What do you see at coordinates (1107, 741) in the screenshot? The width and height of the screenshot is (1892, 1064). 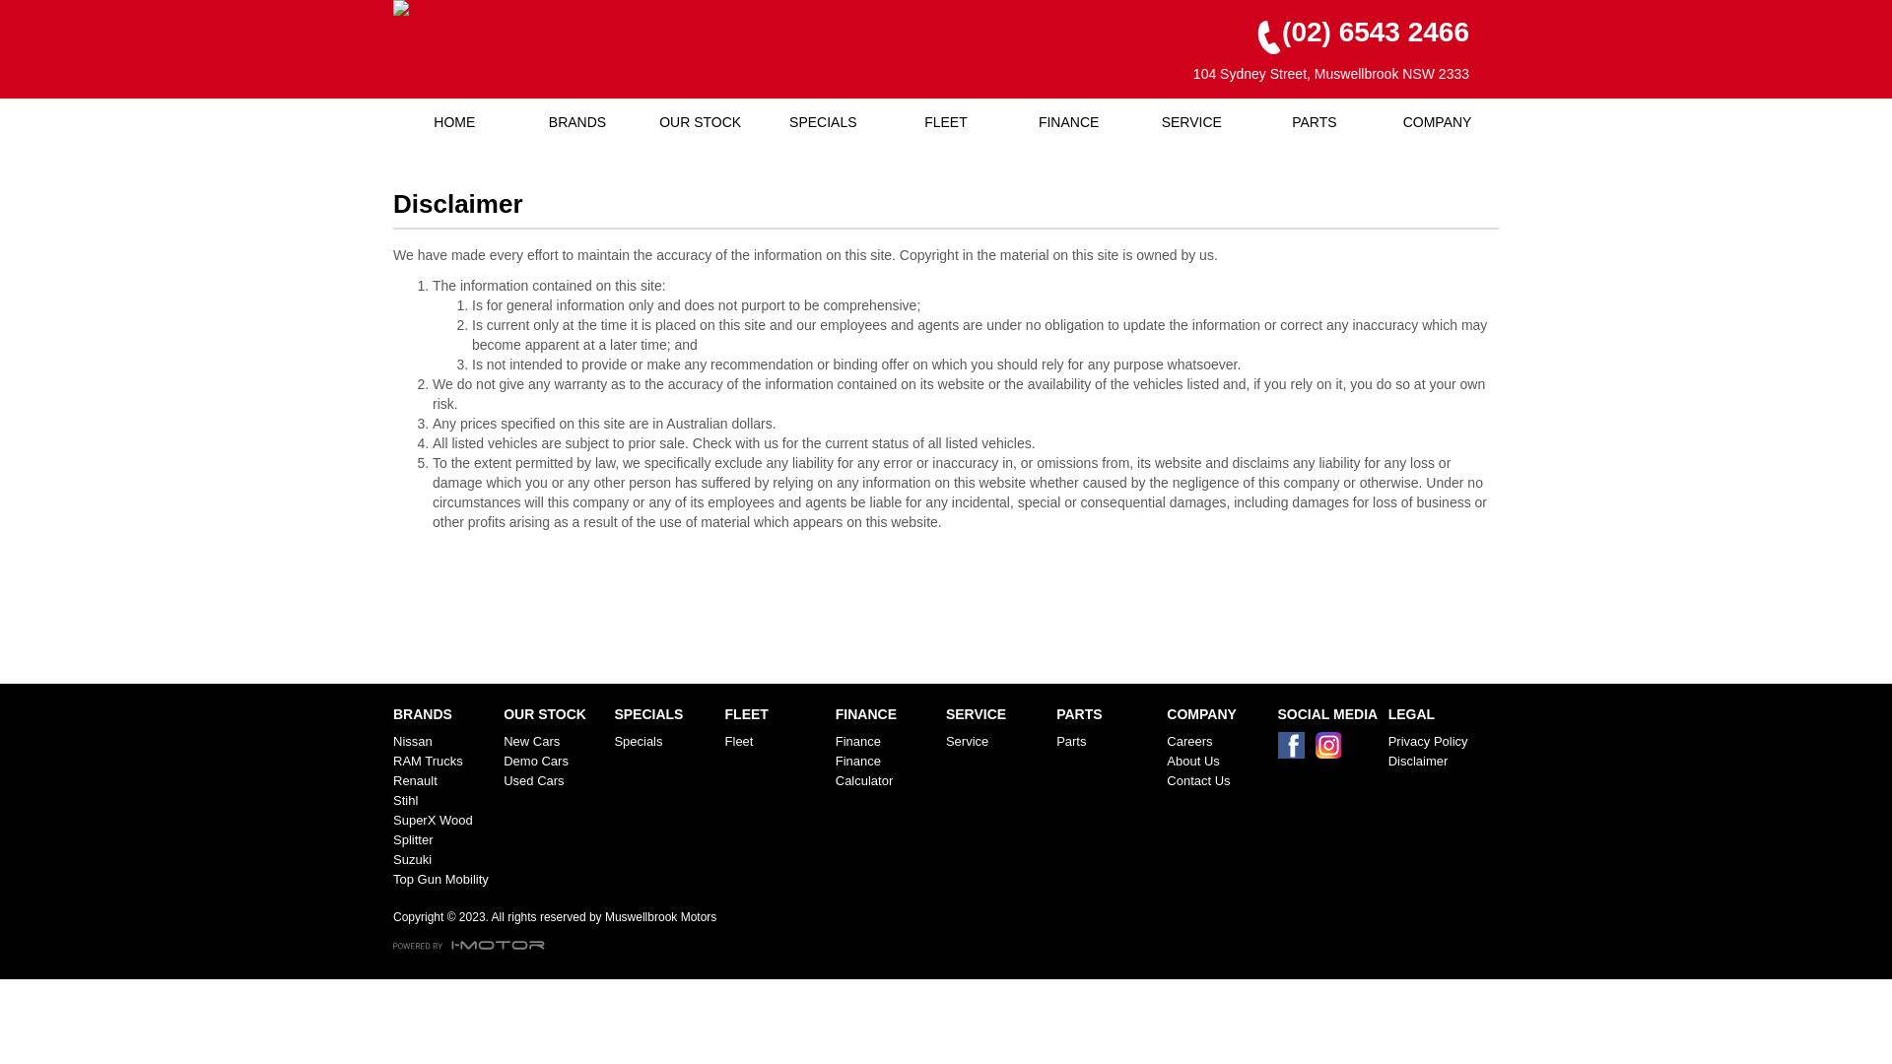 I see `'Parts'` at bounding box center [1107, 741].